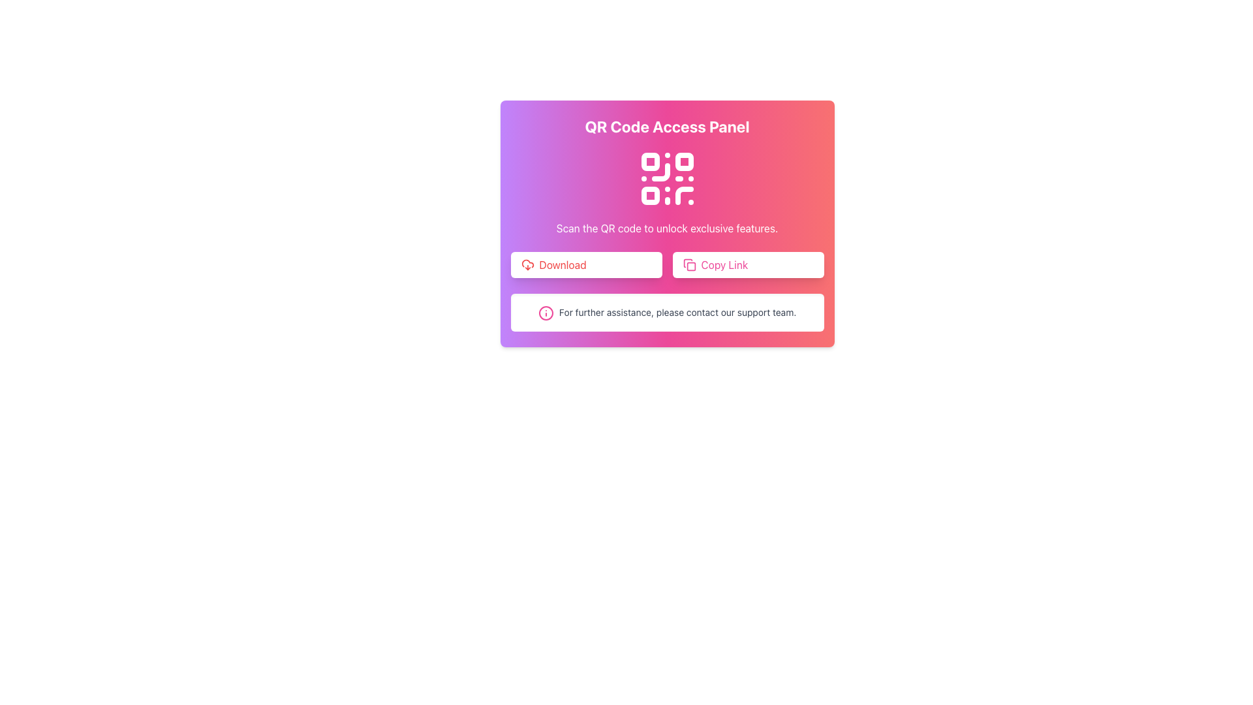 Image resolution: width=1253 pixels, height=705 pixels. Describe the element at coordinates (585, 264) in the screenshot. I see `the 'Download' button, which is a rectangular button with red text and a cloud icon, located below the QR code section` at that location.